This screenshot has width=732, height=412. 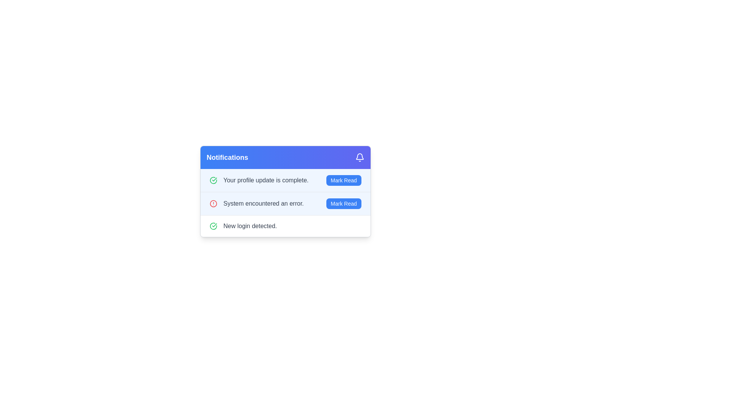 I want to click on the third notification item in the notifications panel that alerts the user about a new login detection, so click(x=243, y=226).